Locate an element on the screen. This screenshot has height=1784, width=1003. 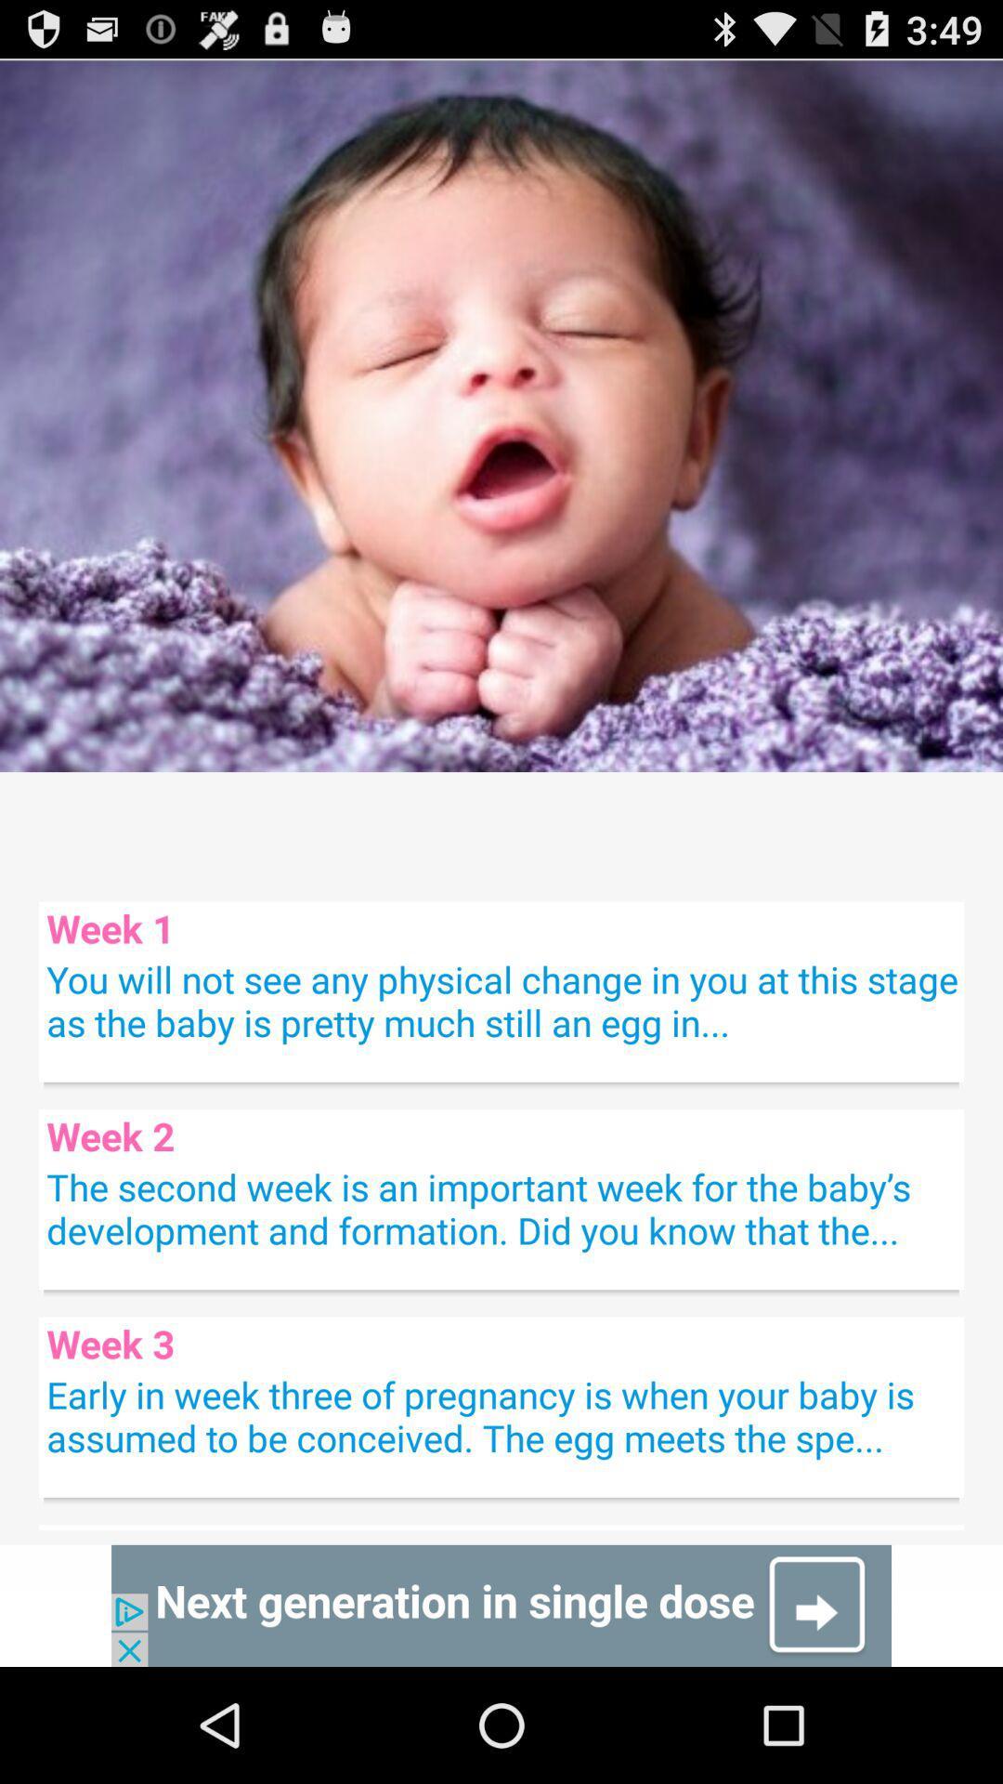
advertisement link is located at coordinates (501, 1605).